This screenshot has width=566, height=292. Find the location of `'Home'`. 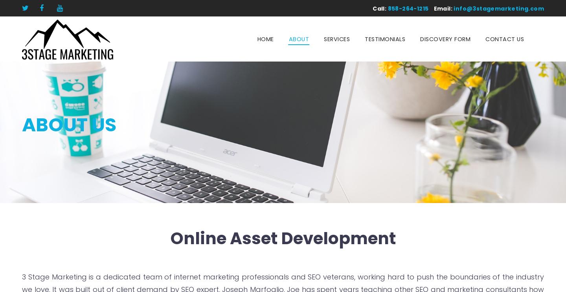

'Home' is located at coordinates (265, 39).